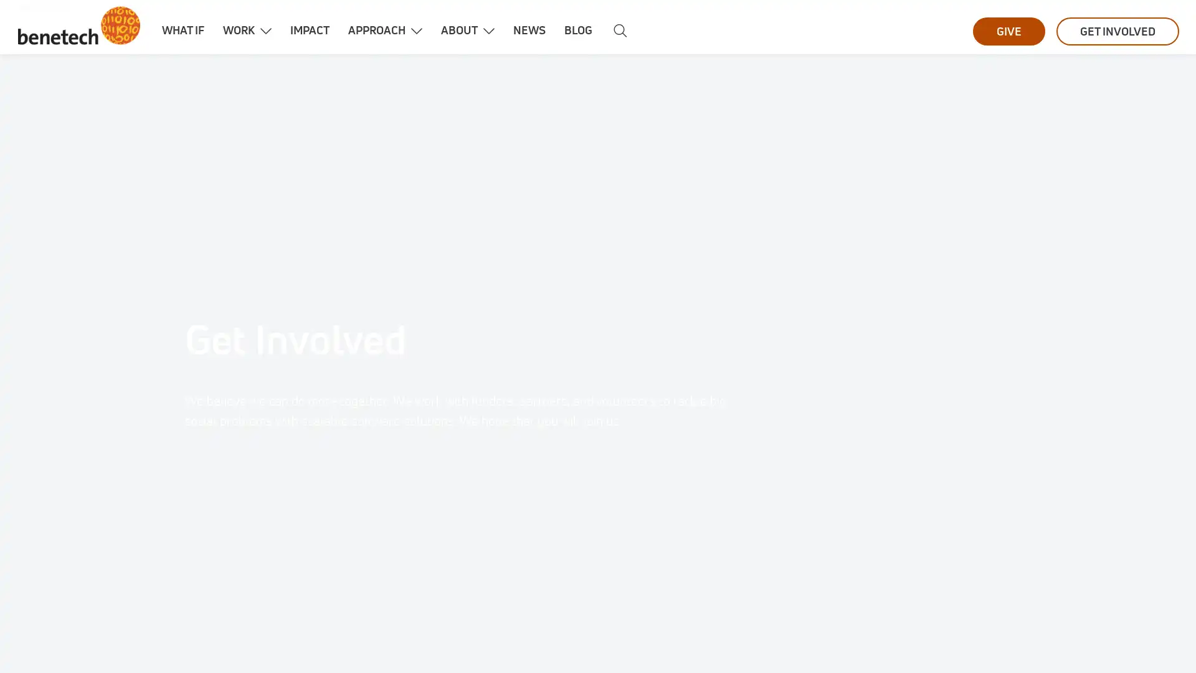 This screenshot has height=673, width=1196. I want to click on Show dropdown menu for Approach, so click(416, 31).